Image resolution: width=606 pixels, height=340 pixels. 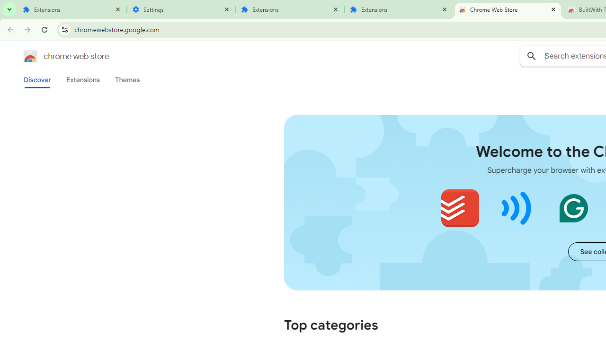 What do you see at coordinates (573, 208) in the screenshot?
I see `'Grammarly: AI Writing and Grammar Checker App'` at bounding box center [573, 208].